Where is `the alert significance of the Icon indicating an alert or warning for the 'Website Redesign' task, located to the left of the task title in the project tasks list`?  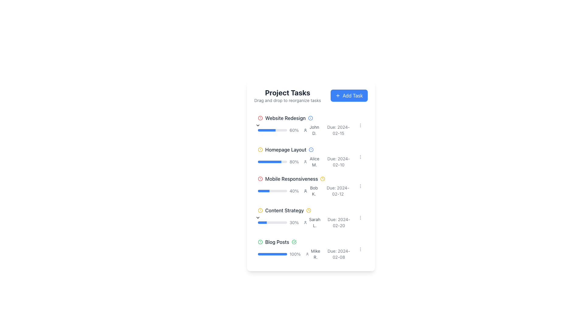 the alert significance of the Icon indicating an alert or warning for the 'Website Redesign' task, located to the left of the task title in the project tasks list is located at coordinates (260, 118).